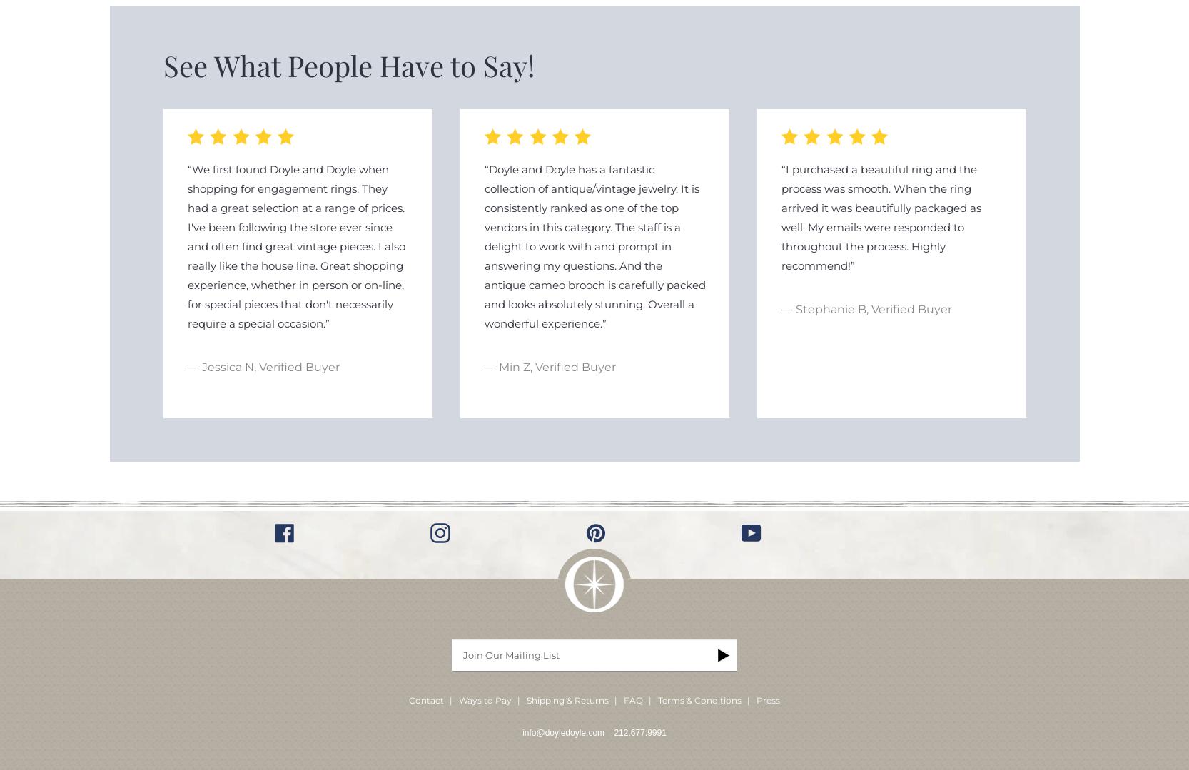 Image resolution: width=1189 pixels, height=770 pixels. What do you see at coordinates (567, 699) in the screenshot?
I see `'Shipping & Returns'` at bounding box center [567, 699].